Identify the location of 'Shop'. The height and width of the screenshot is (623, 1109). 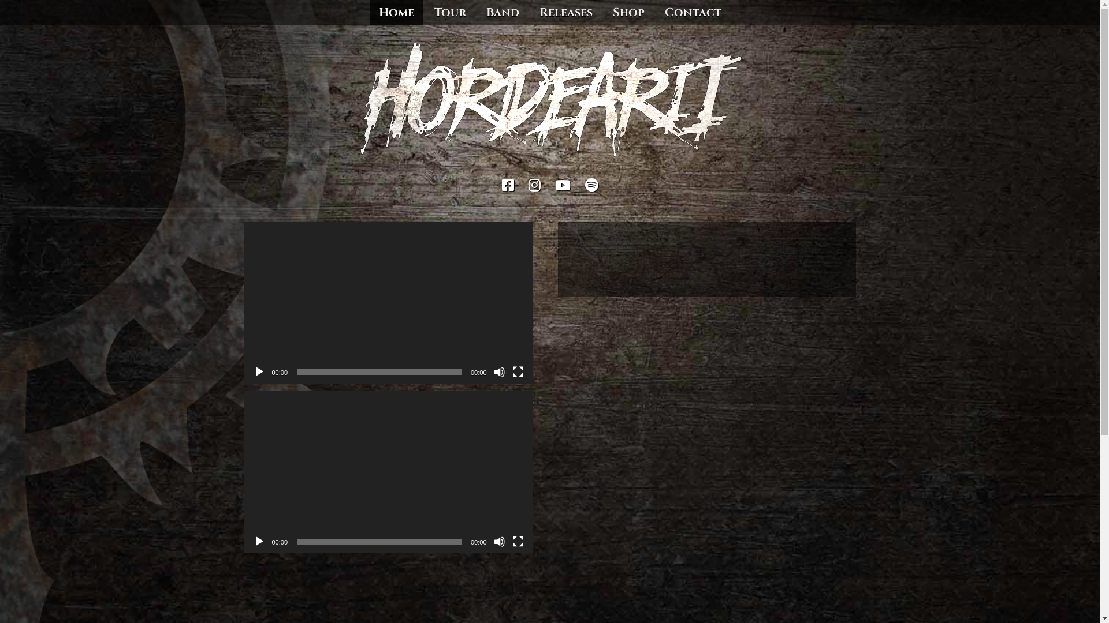
(628, 13).